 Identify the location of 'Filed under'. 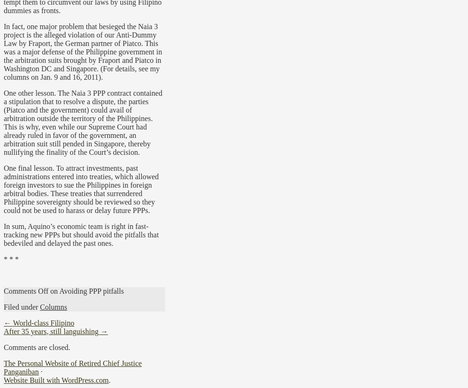
(22, 306).